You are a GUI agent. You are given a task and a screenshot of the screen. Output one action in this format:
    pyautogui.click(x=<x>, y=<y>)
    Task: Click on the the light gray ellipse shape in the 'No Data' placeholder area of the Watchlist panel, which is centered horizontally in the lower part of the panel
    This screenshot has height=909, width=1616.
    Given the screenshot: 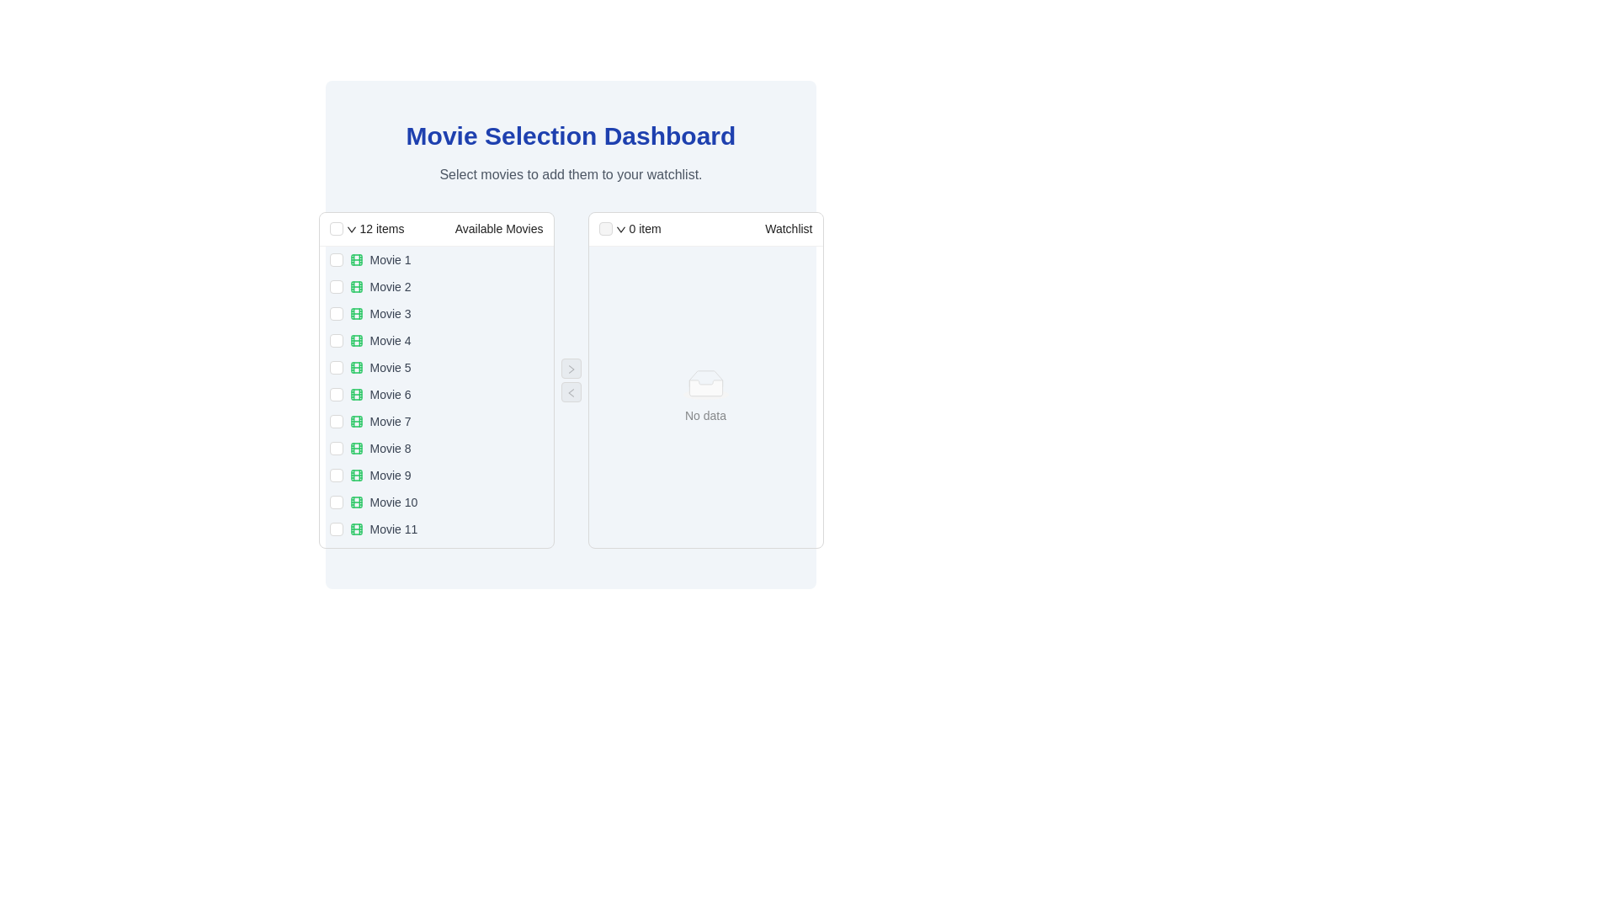 What is the action you would take?
    pyautogui.click(x=705, y=394)
    